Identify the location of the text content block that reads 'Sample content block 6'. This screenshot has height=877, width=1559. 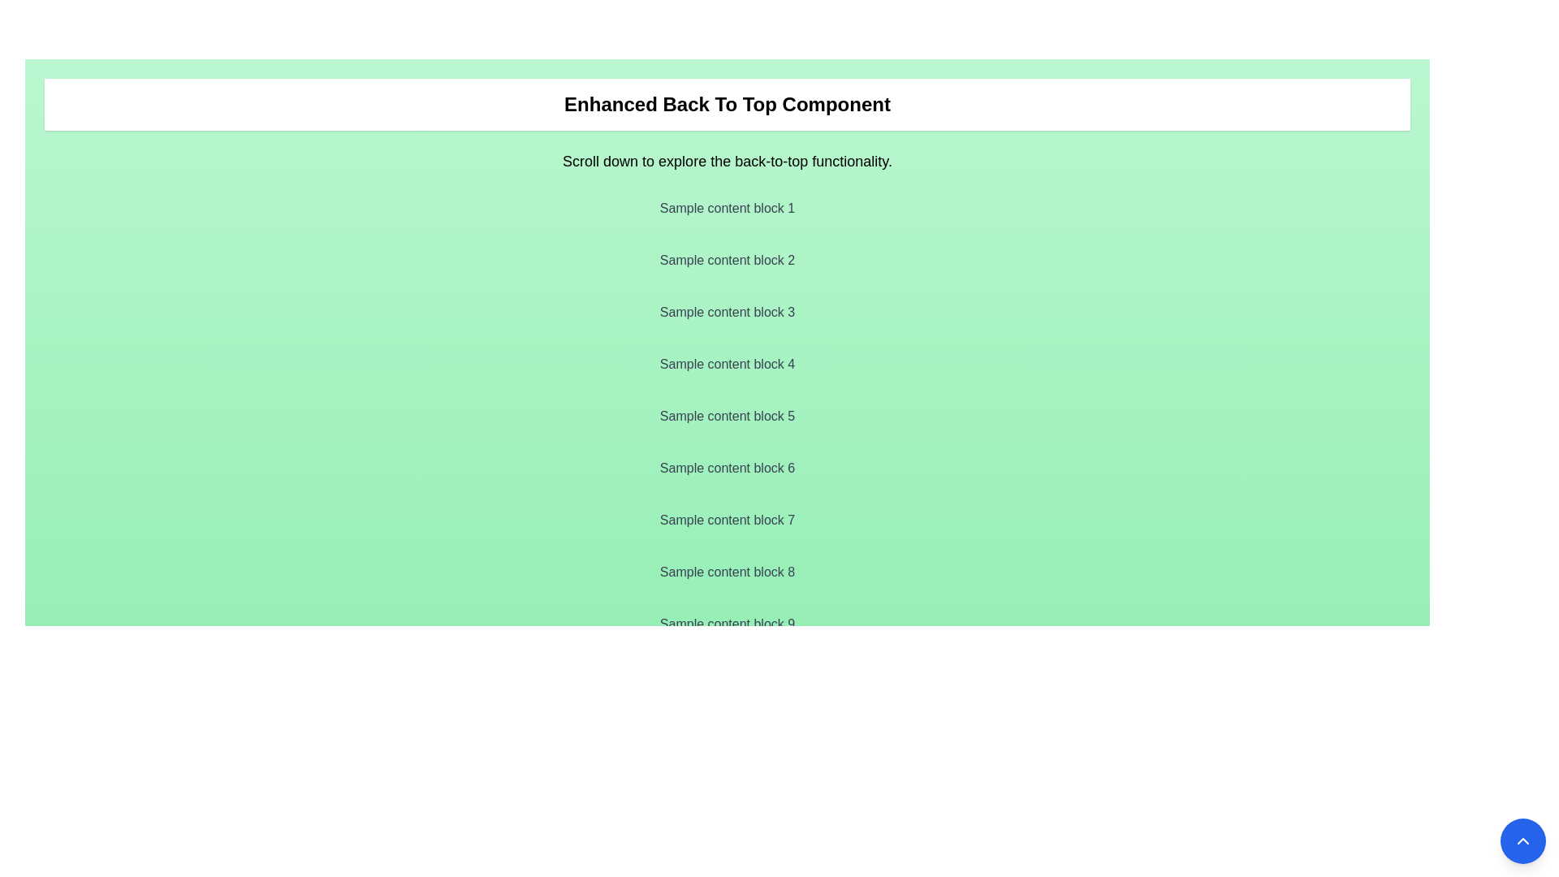
(727, 469).